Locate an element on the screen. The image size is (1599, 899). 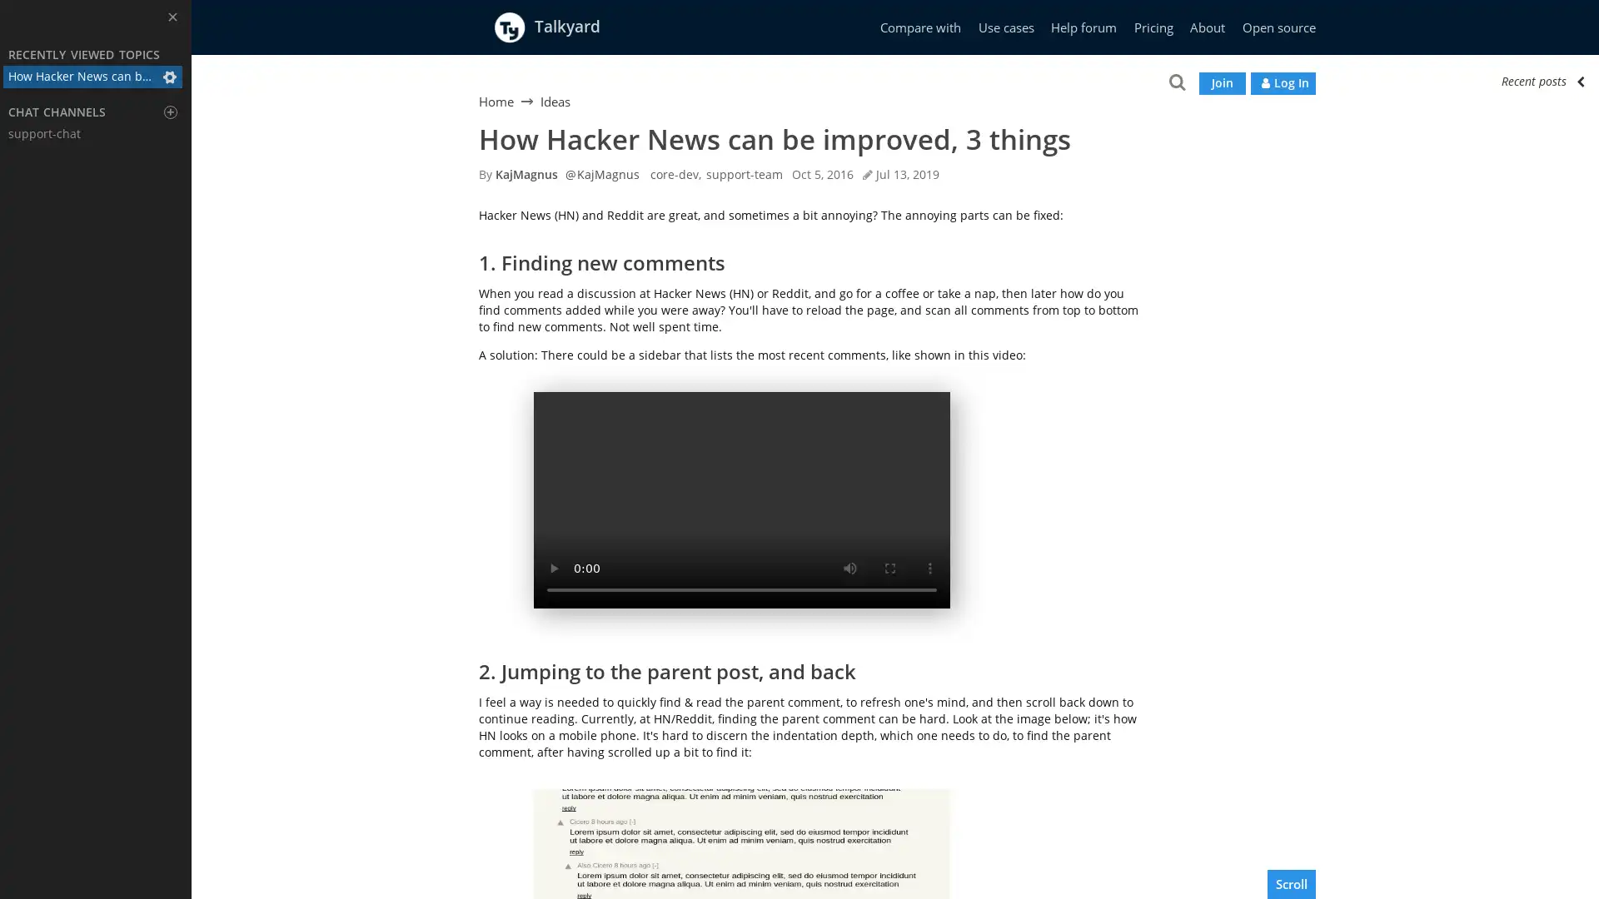
show more media controls is located at coordinates (929, 567).